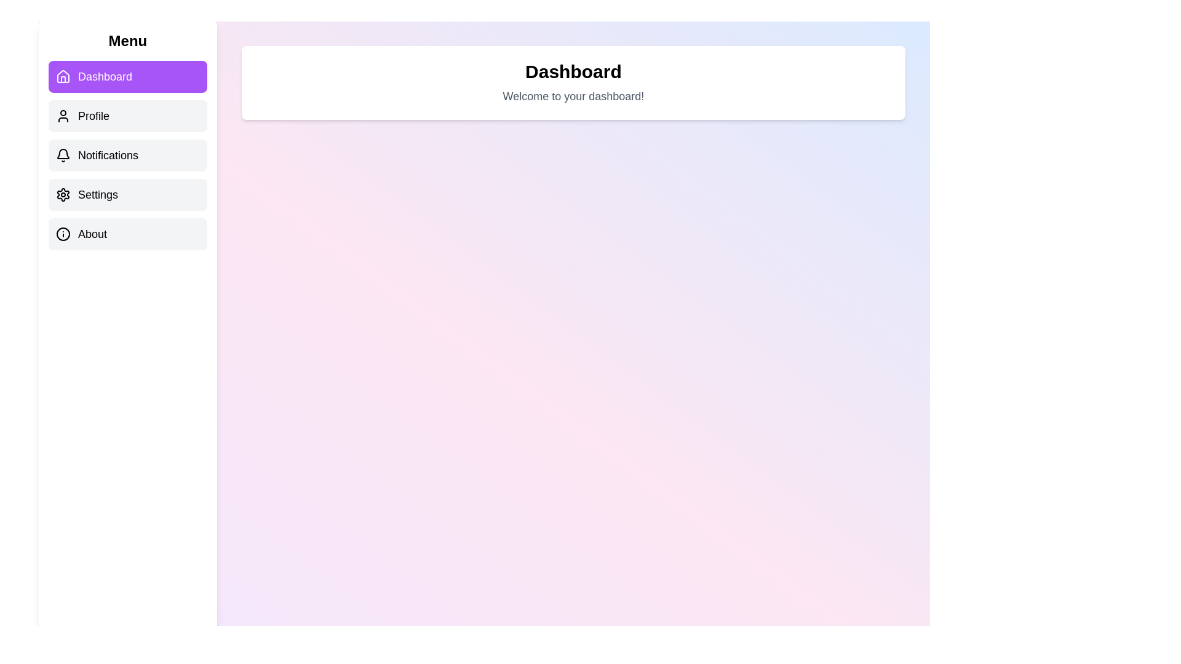 This screenshot has height=664, width=1181. I want to click on the menu item Profile to view its content, so click(127, 116).